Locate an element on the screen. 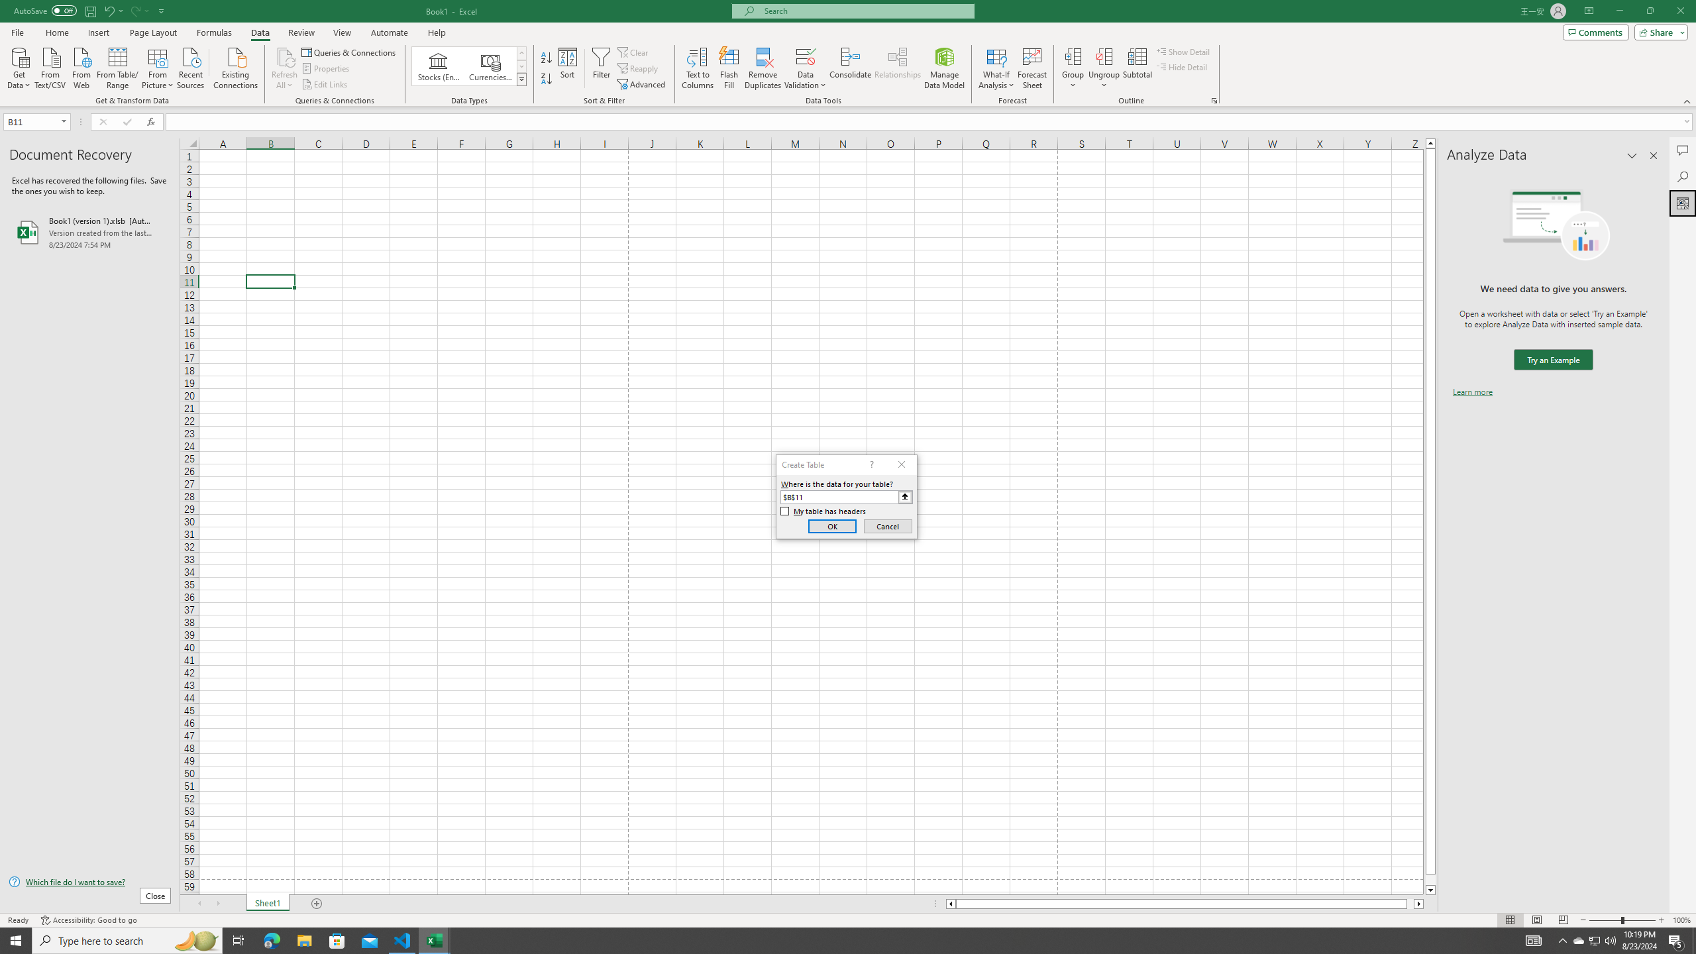  'Book1 (version 1).xlsb  [AutoRecovered]' is located at coordinates (89, 231).